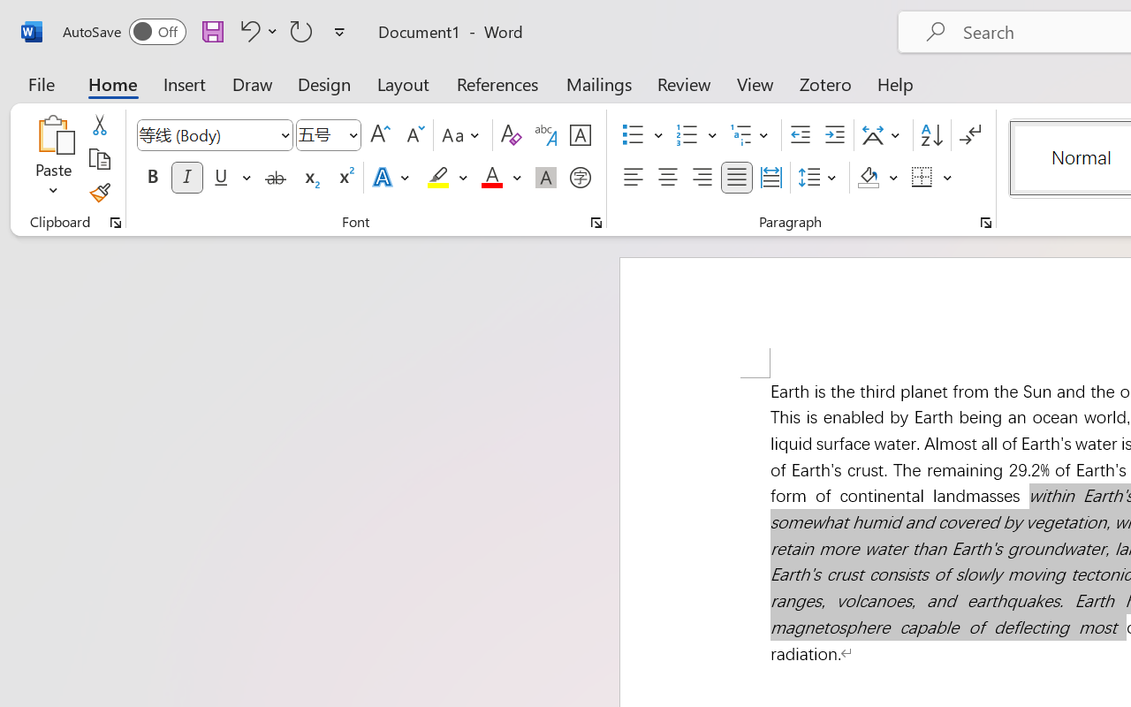 The image size is (1131, 707). I want to click on 'Change Case', so click(463, 135).